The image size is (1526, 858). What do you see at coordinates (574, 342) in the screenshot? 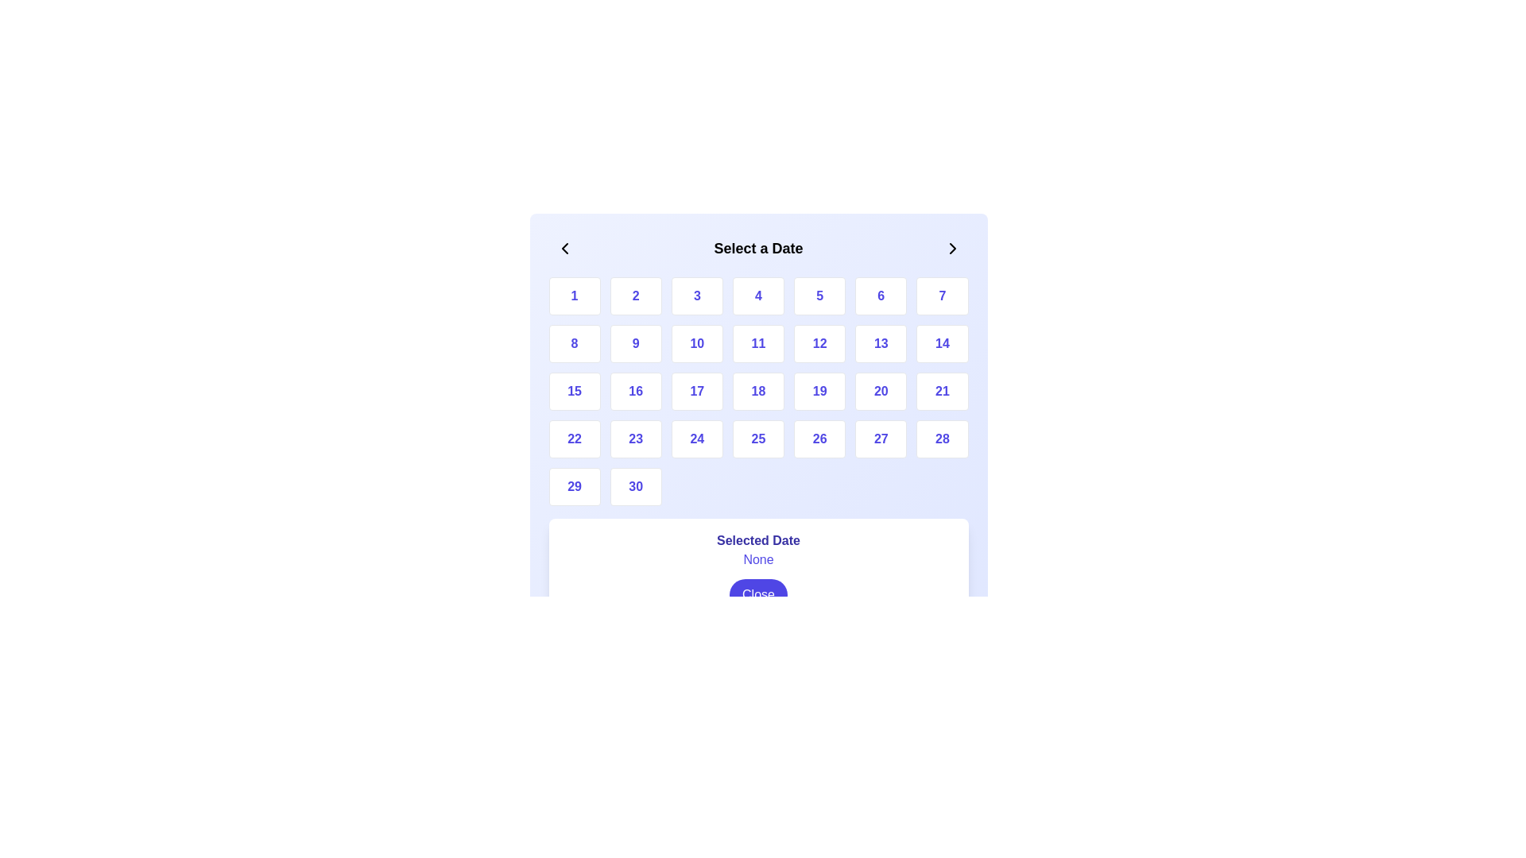
I see `the date selection button representing the date '8' in the date picker component` at bounding box center [574, 342].